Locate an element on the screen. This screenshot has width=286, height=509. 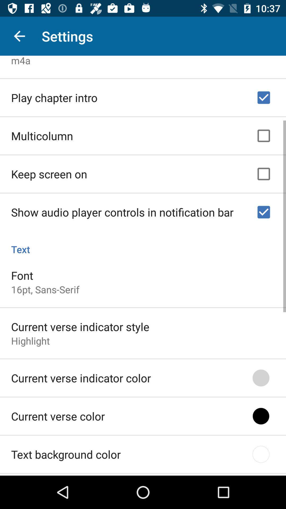
icon above play chapter intro item is located at coordinates (20, 60).